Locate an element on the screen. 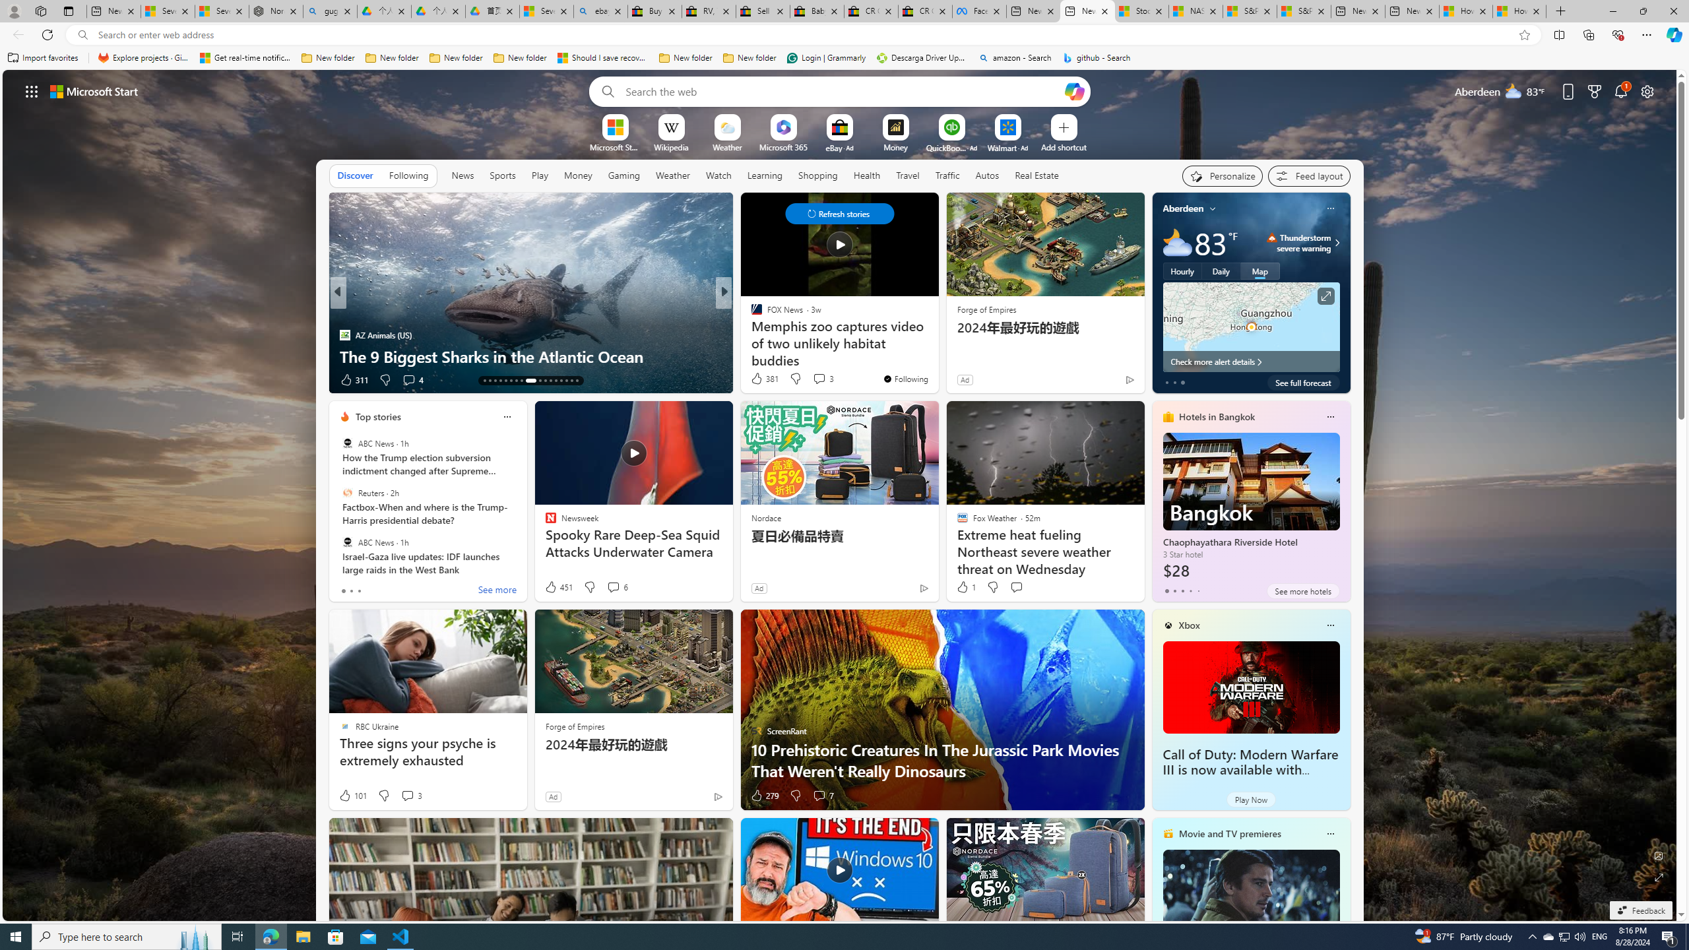 The height and width of the screenshot is (950, 1689). 'Class: icon-img' is located at coordinates (1329, 833).